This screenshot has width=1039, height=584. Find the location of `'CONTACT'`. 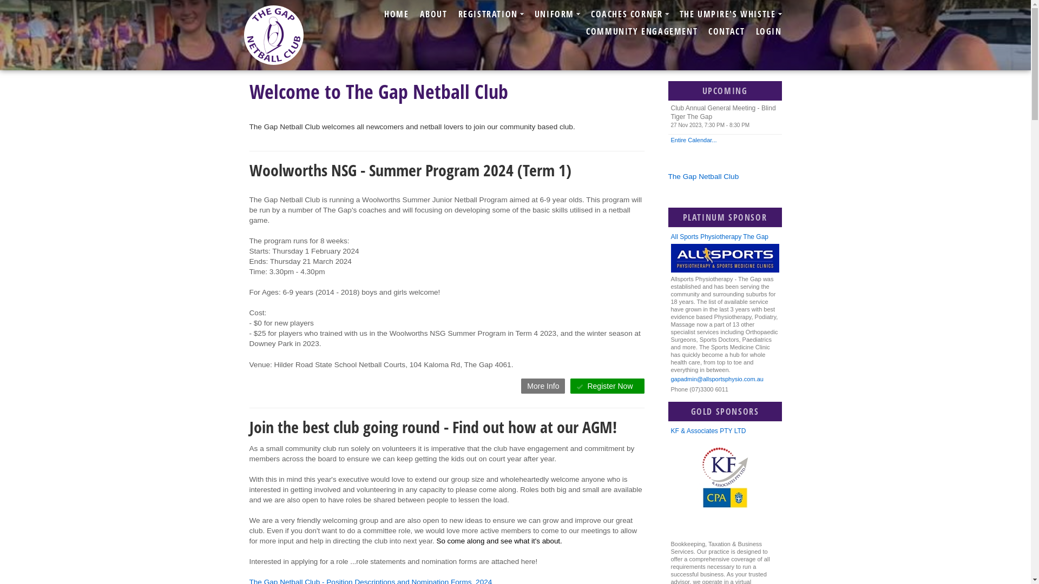

'CONTACT' is located at coordinates (726, 30).